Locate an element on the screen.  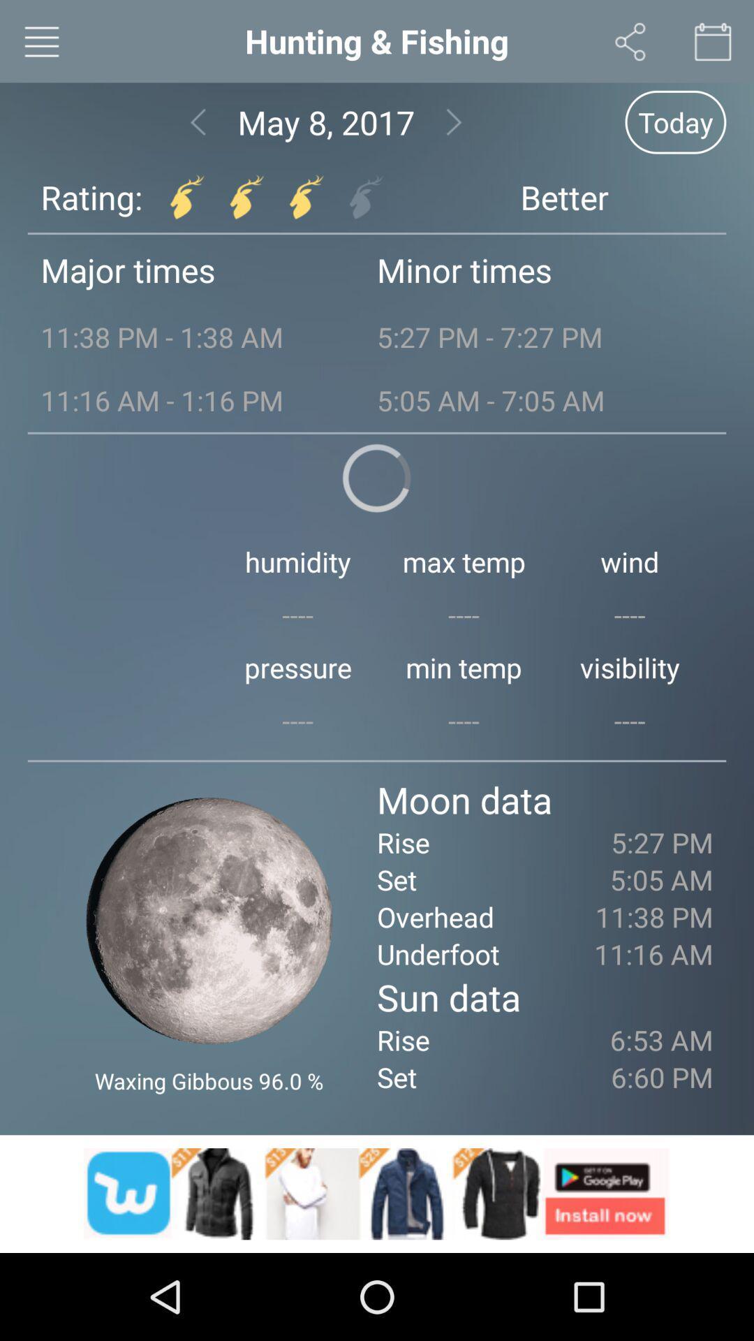
the arrow_forward icon is located at coordinates (454, 131).